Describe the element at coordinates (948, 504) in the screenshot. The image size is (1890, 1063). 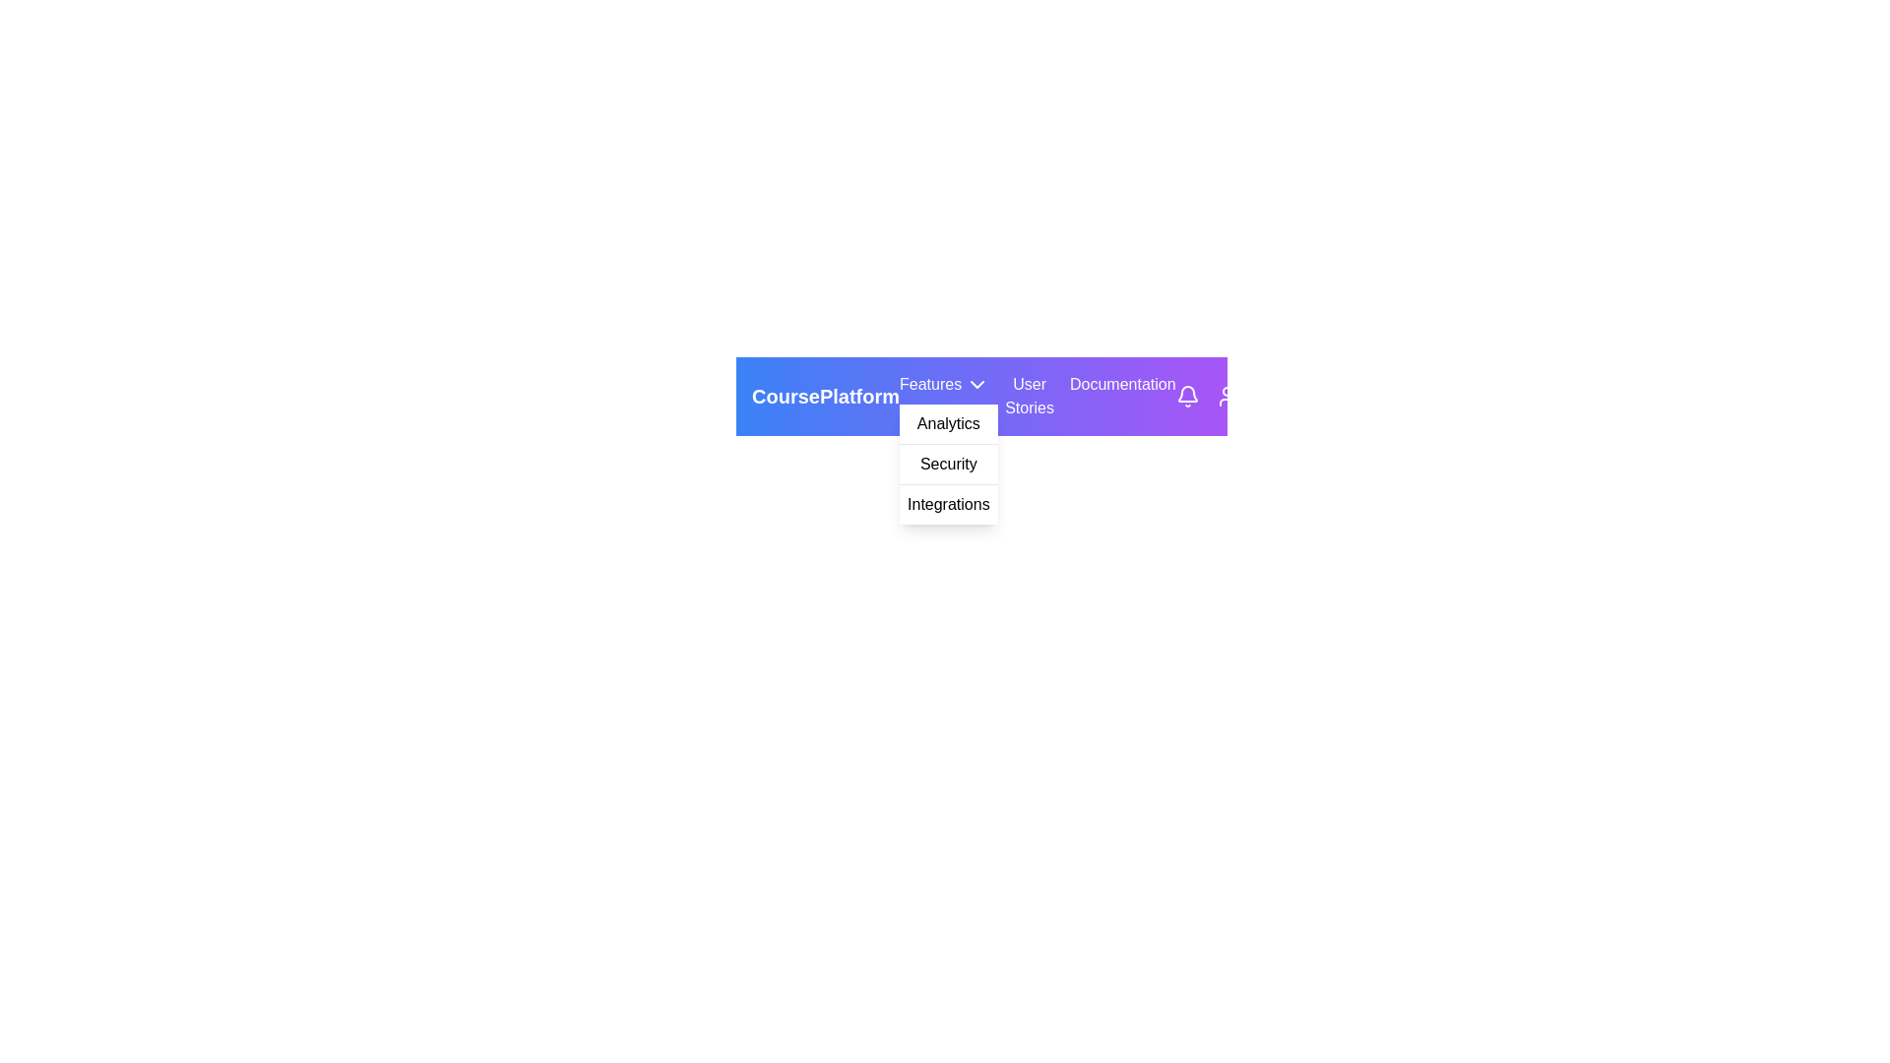
I see `the 'Integrations' text label in the dropdown menu under 'Features'` at that location.